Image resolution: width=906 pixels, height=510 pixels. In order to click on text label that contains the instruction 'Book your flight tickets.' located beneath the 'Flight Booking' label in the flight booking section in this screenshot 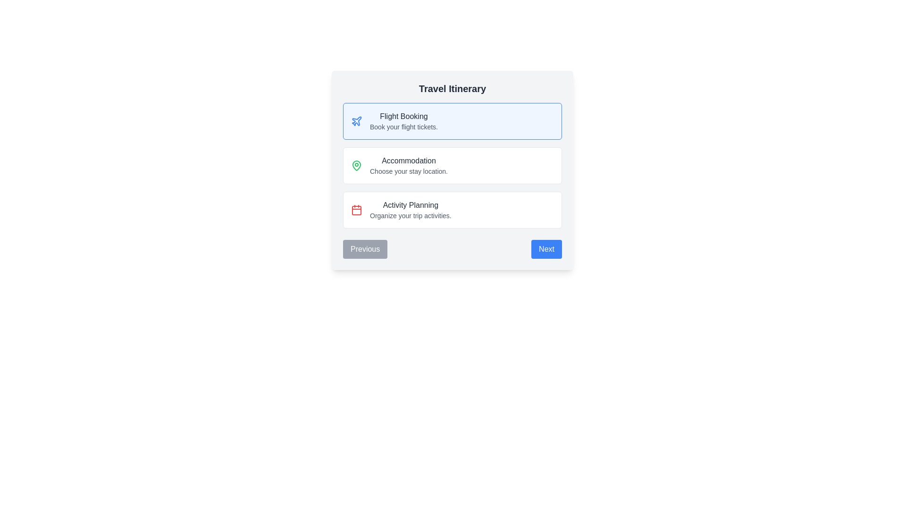, I will do `click(403, 127)`.